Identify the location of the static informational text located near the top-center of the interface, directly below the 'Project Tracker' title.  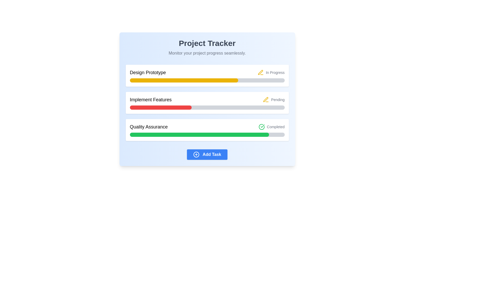
(207, 53).